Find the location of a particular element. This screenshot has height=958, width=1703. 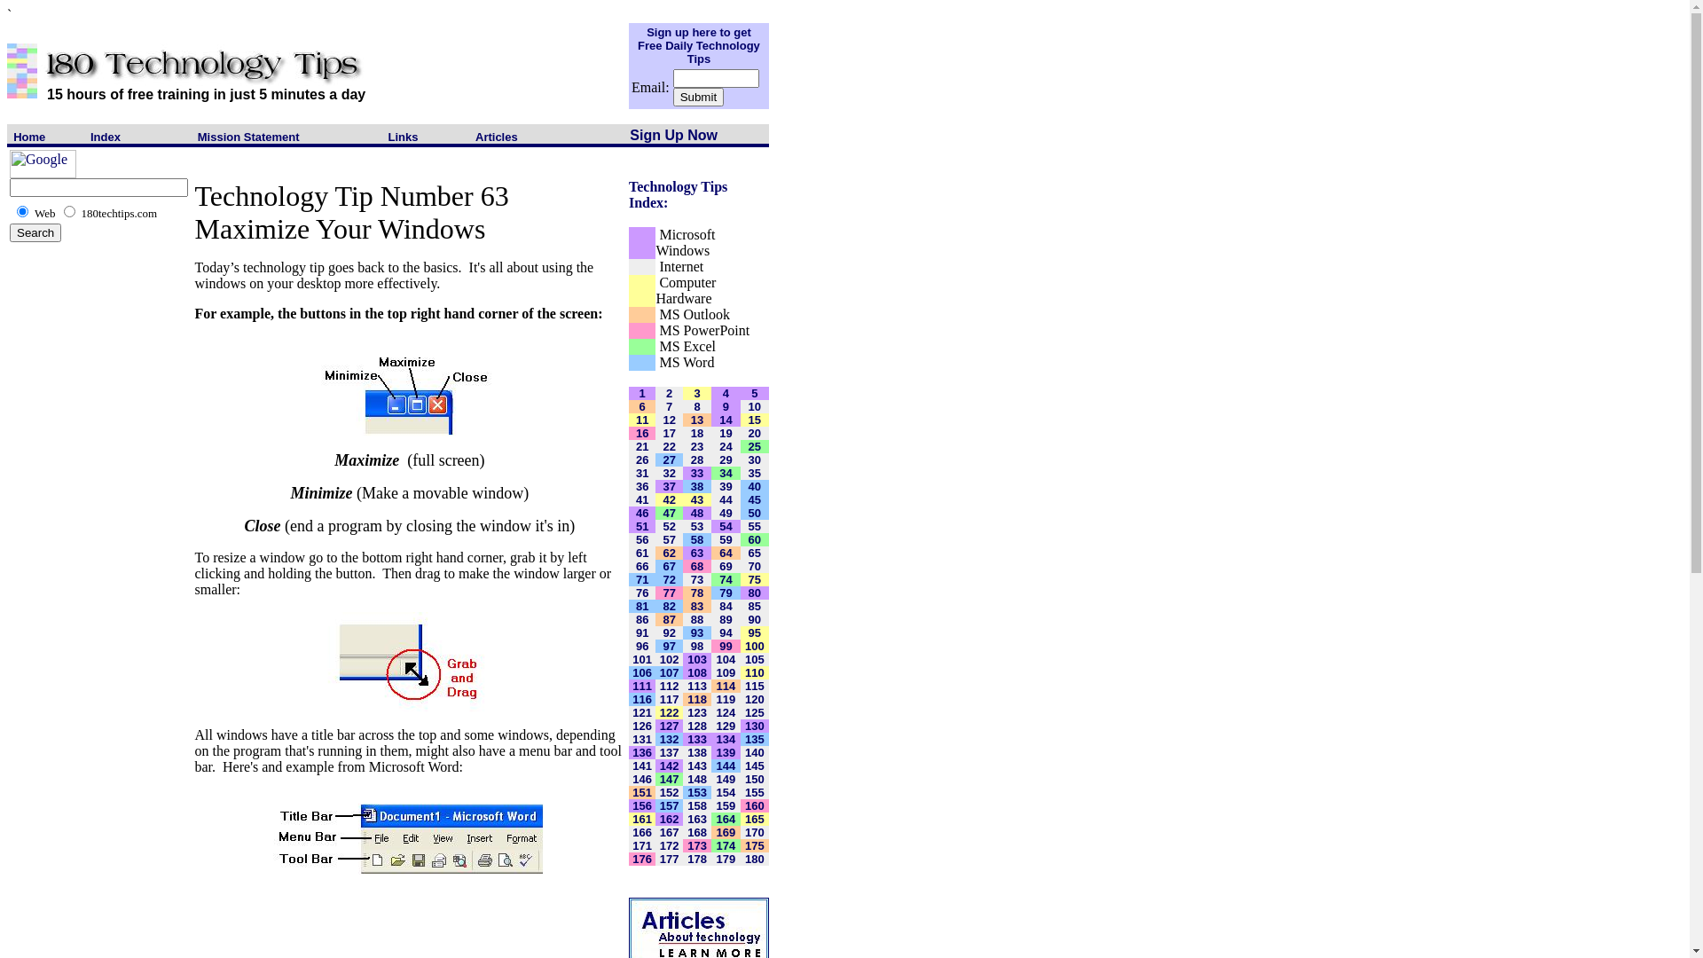

'81' is located at coordinates (641, 605).